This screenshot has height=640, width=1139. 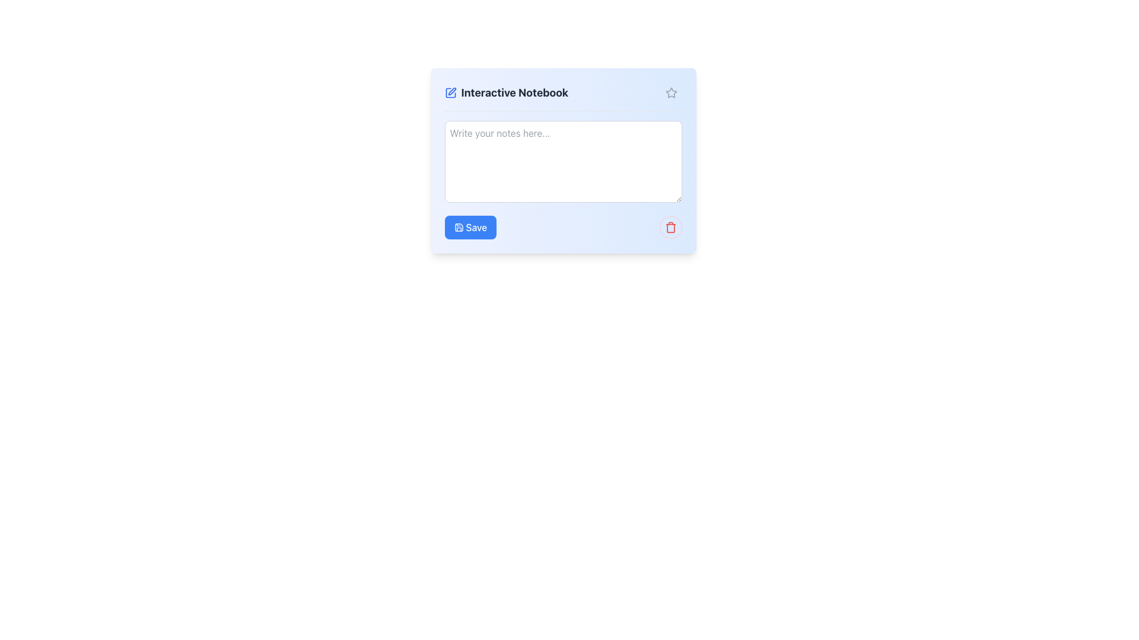 I want to click on the multi-line text input field styled with a rounded rectangle shape, located below the title 'Interactive Notebook' and above the 'Save' button, to begin entering text, so click(x=562, y=162).